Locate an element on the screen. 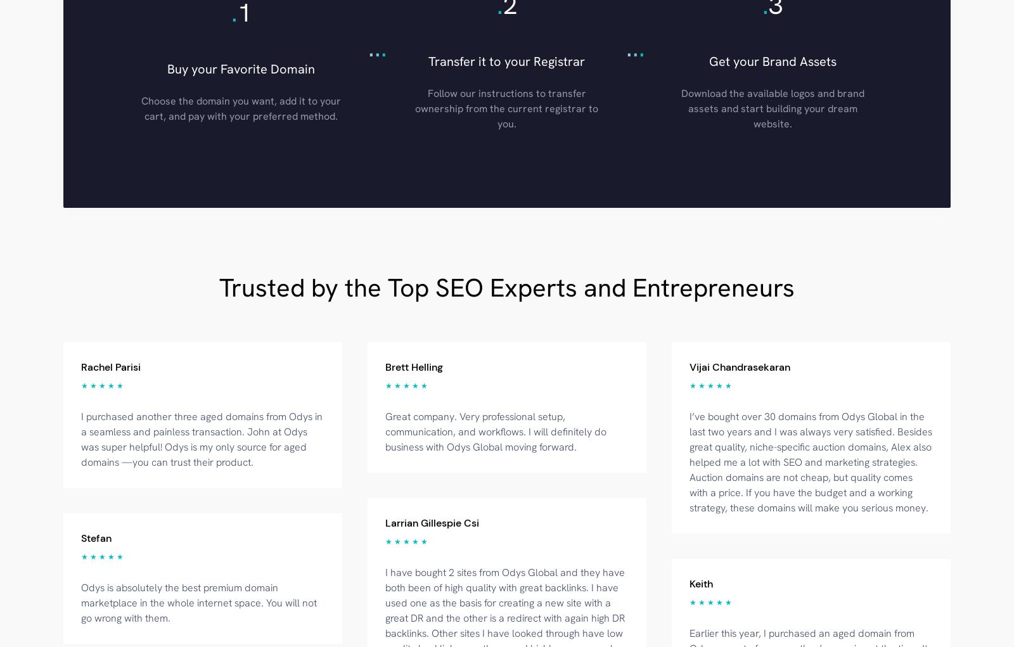 The width and height of the screenshot is (1014, 647). 'Buy your Favorite Domain' is located at coordinates (241, 68).